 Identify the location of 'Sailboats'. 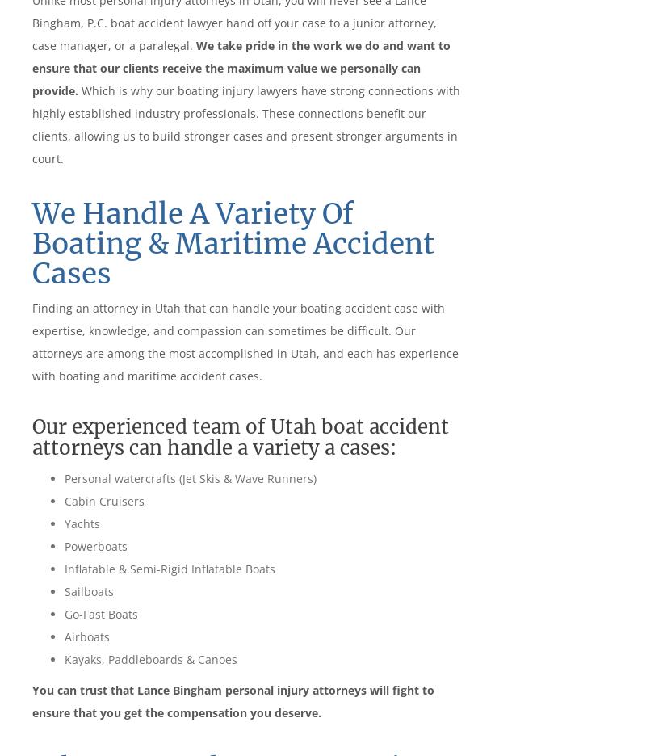
(65, 590).